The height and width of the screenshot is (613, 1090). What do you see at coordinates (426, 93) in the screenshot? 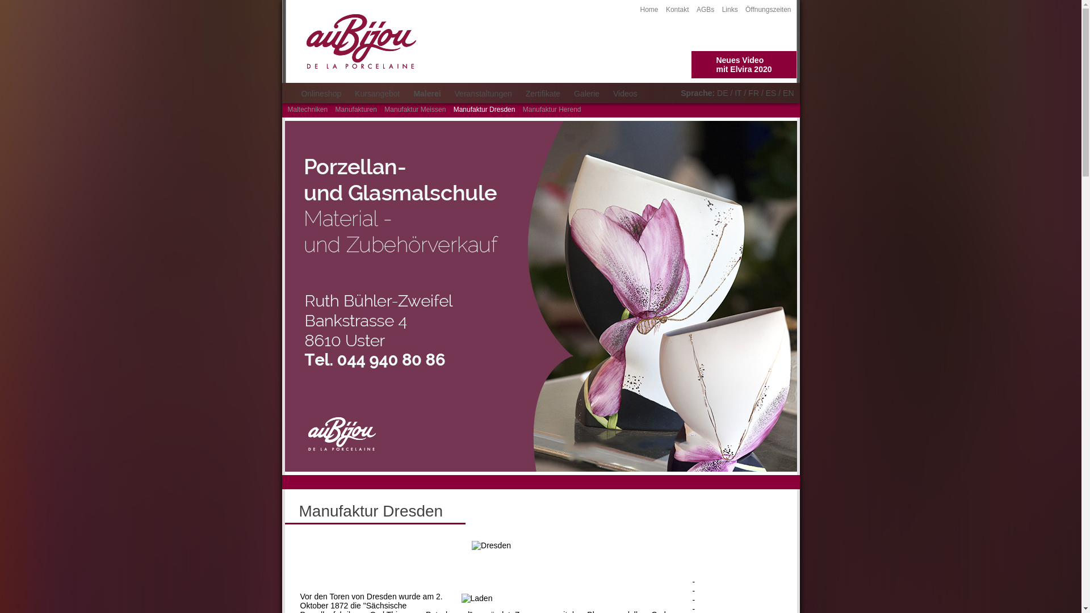
I see `'Malerei'` at bounding box center [426, 93].